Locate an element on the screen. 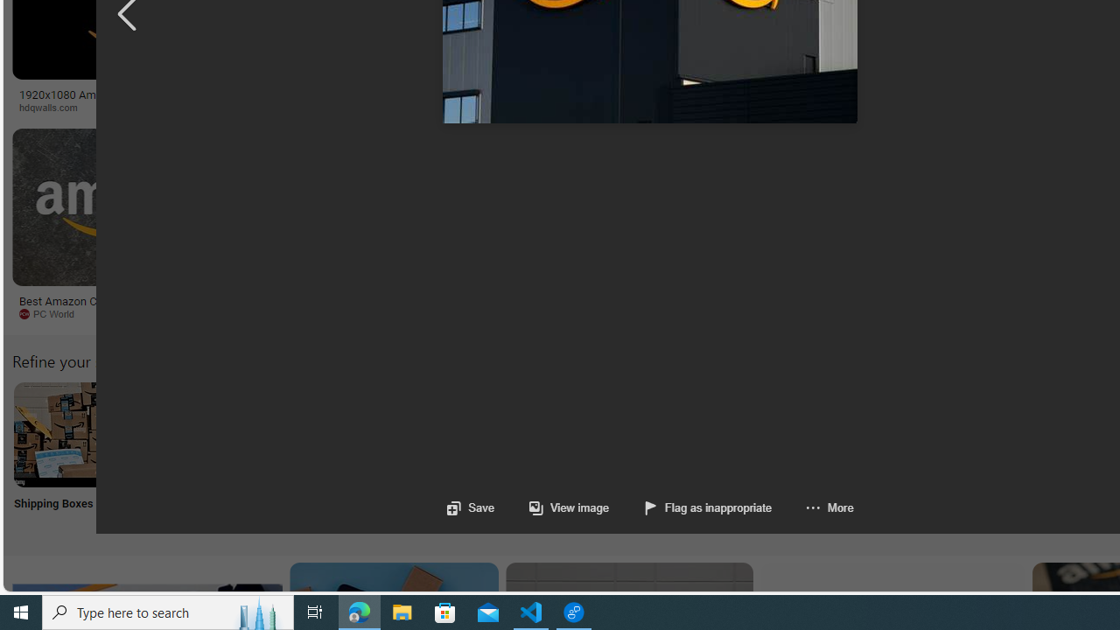 The image size is (1120, 630). 'View image' is located at coordinates (569, 507).